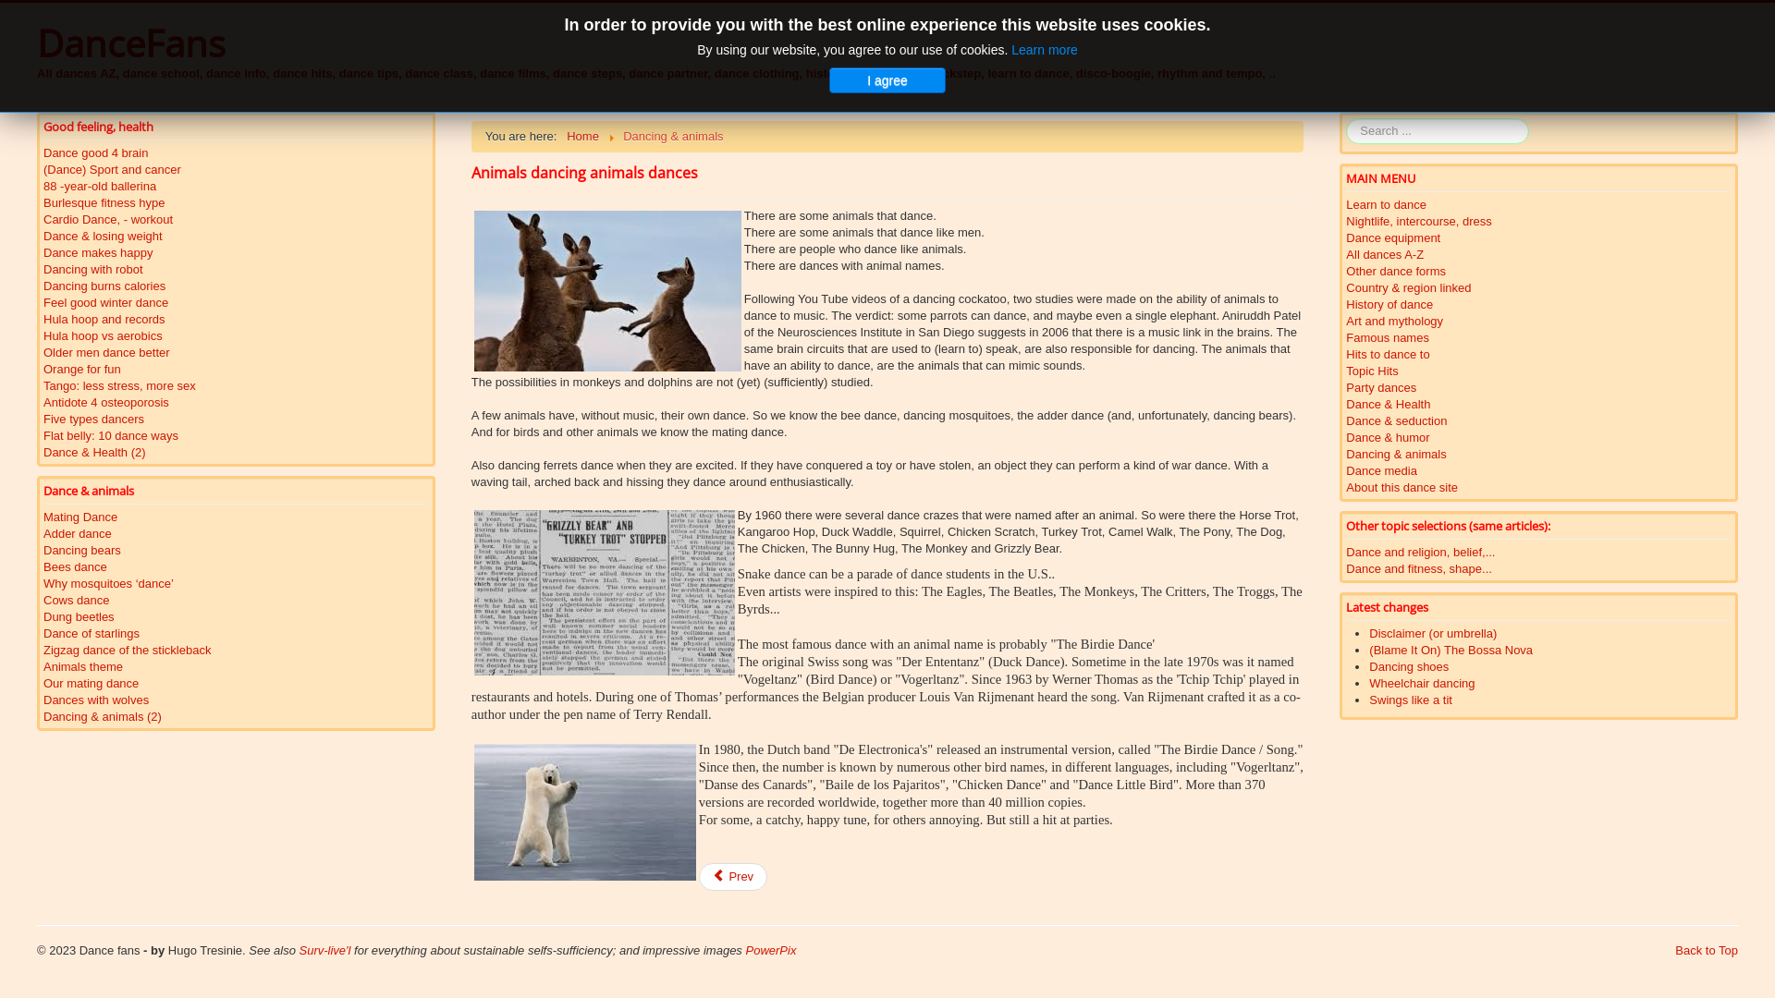 The image size is (1775, 998). I want to click on 'Mating Dance', so click(43, 517).